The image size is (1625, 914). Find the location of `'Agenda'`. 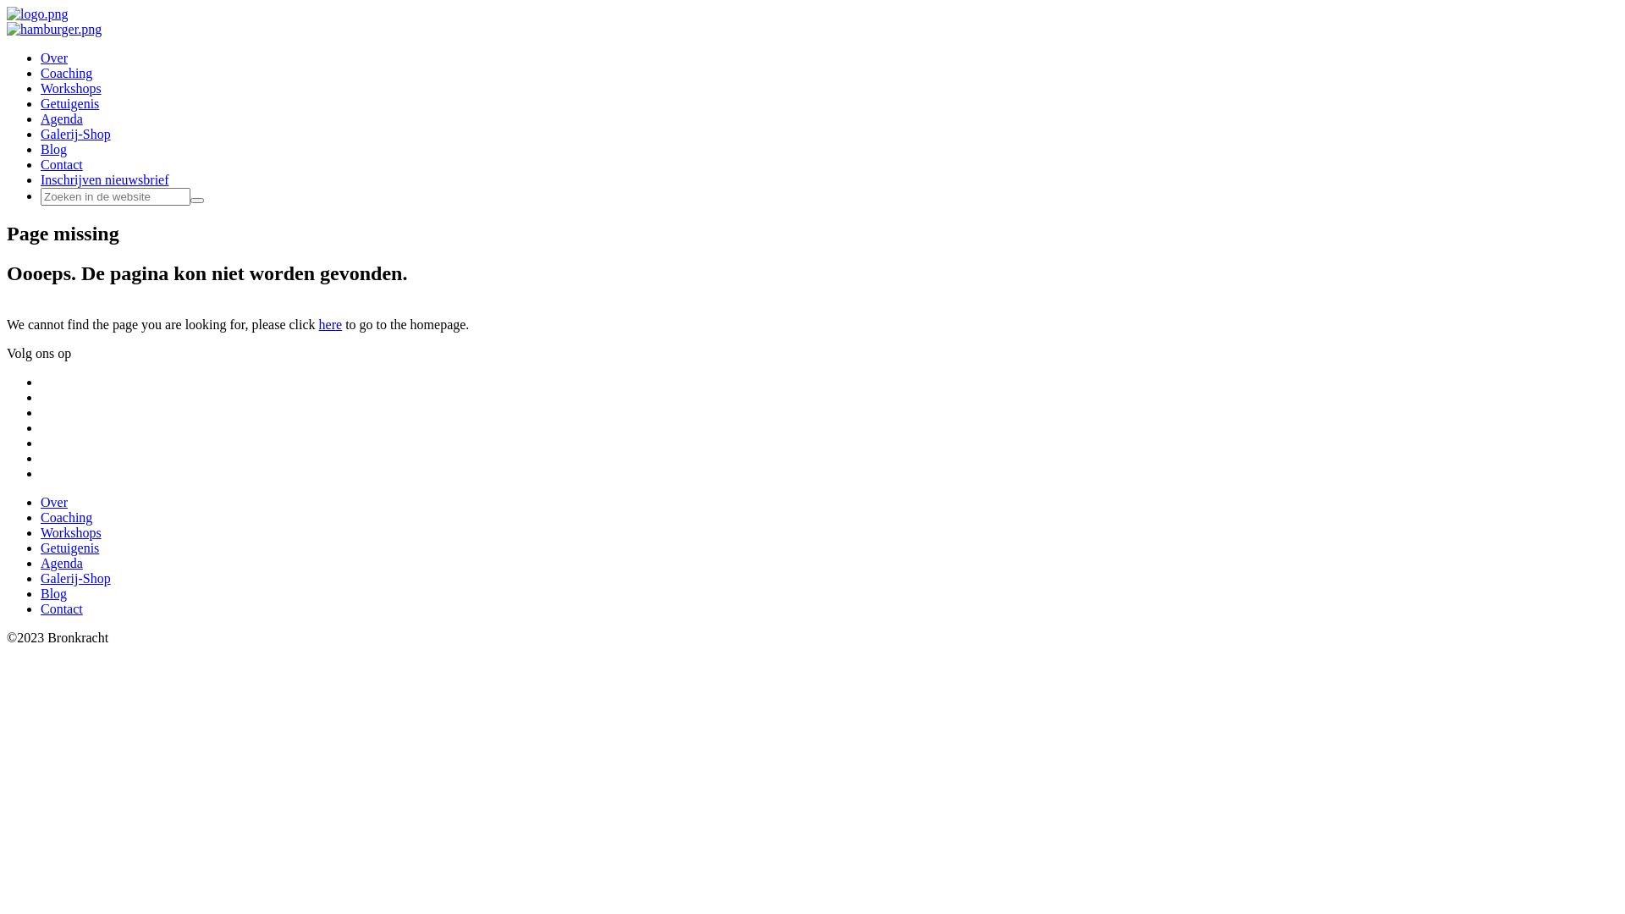

'Agenda' is located at coordinates (61, 118).